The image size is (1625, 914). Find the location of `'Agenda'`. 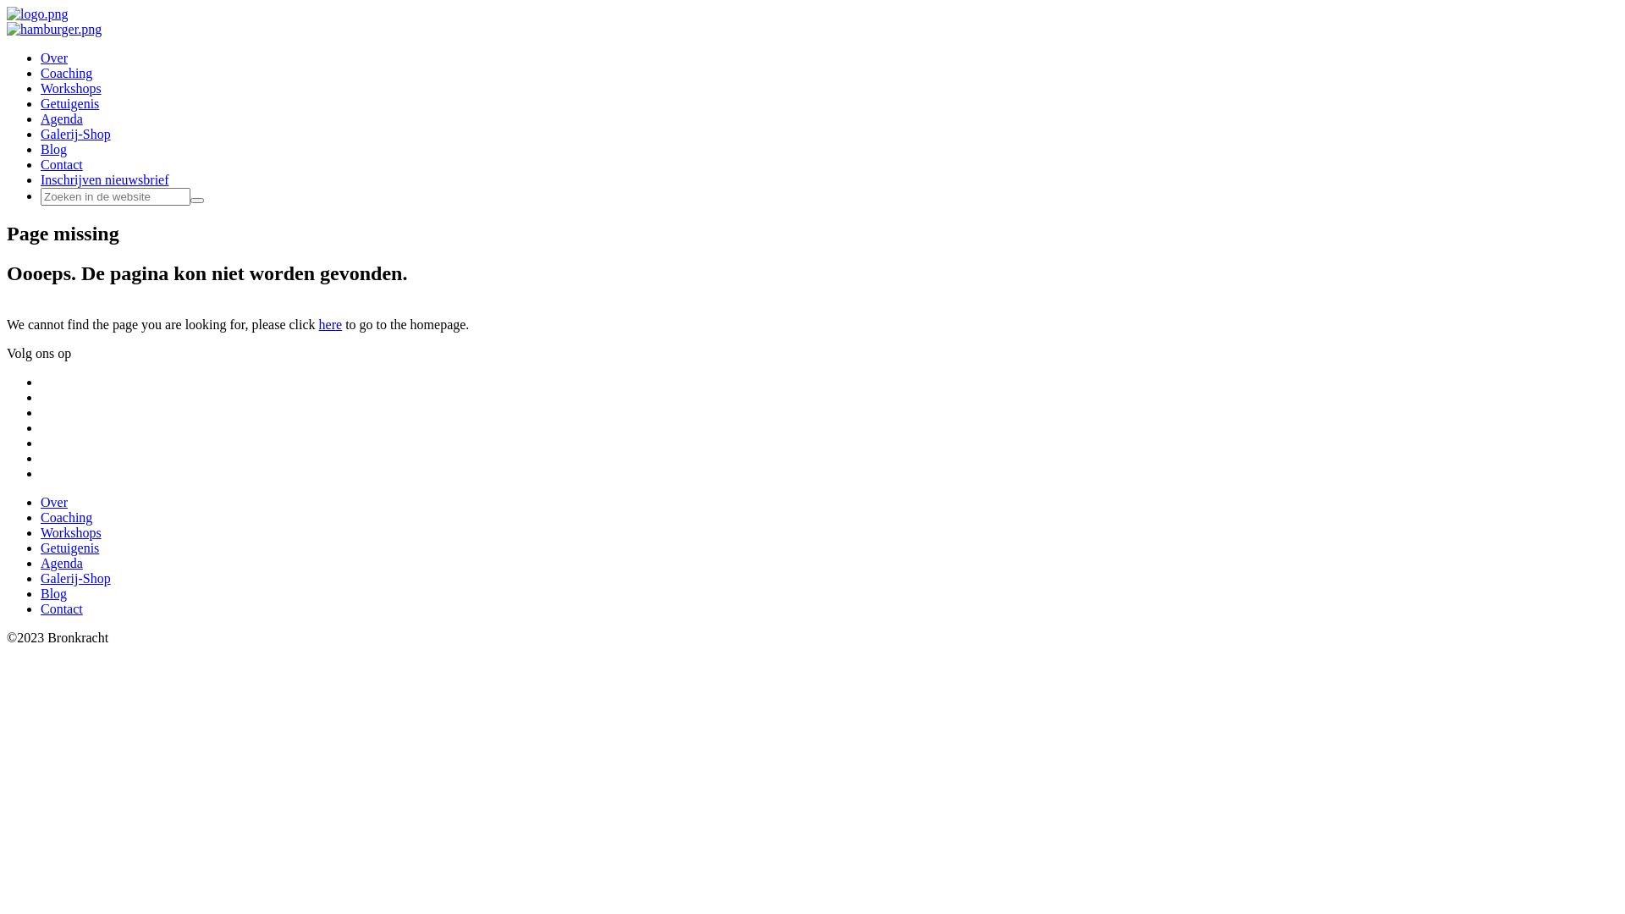

'Agenda' is located at coordinates (61, 118).